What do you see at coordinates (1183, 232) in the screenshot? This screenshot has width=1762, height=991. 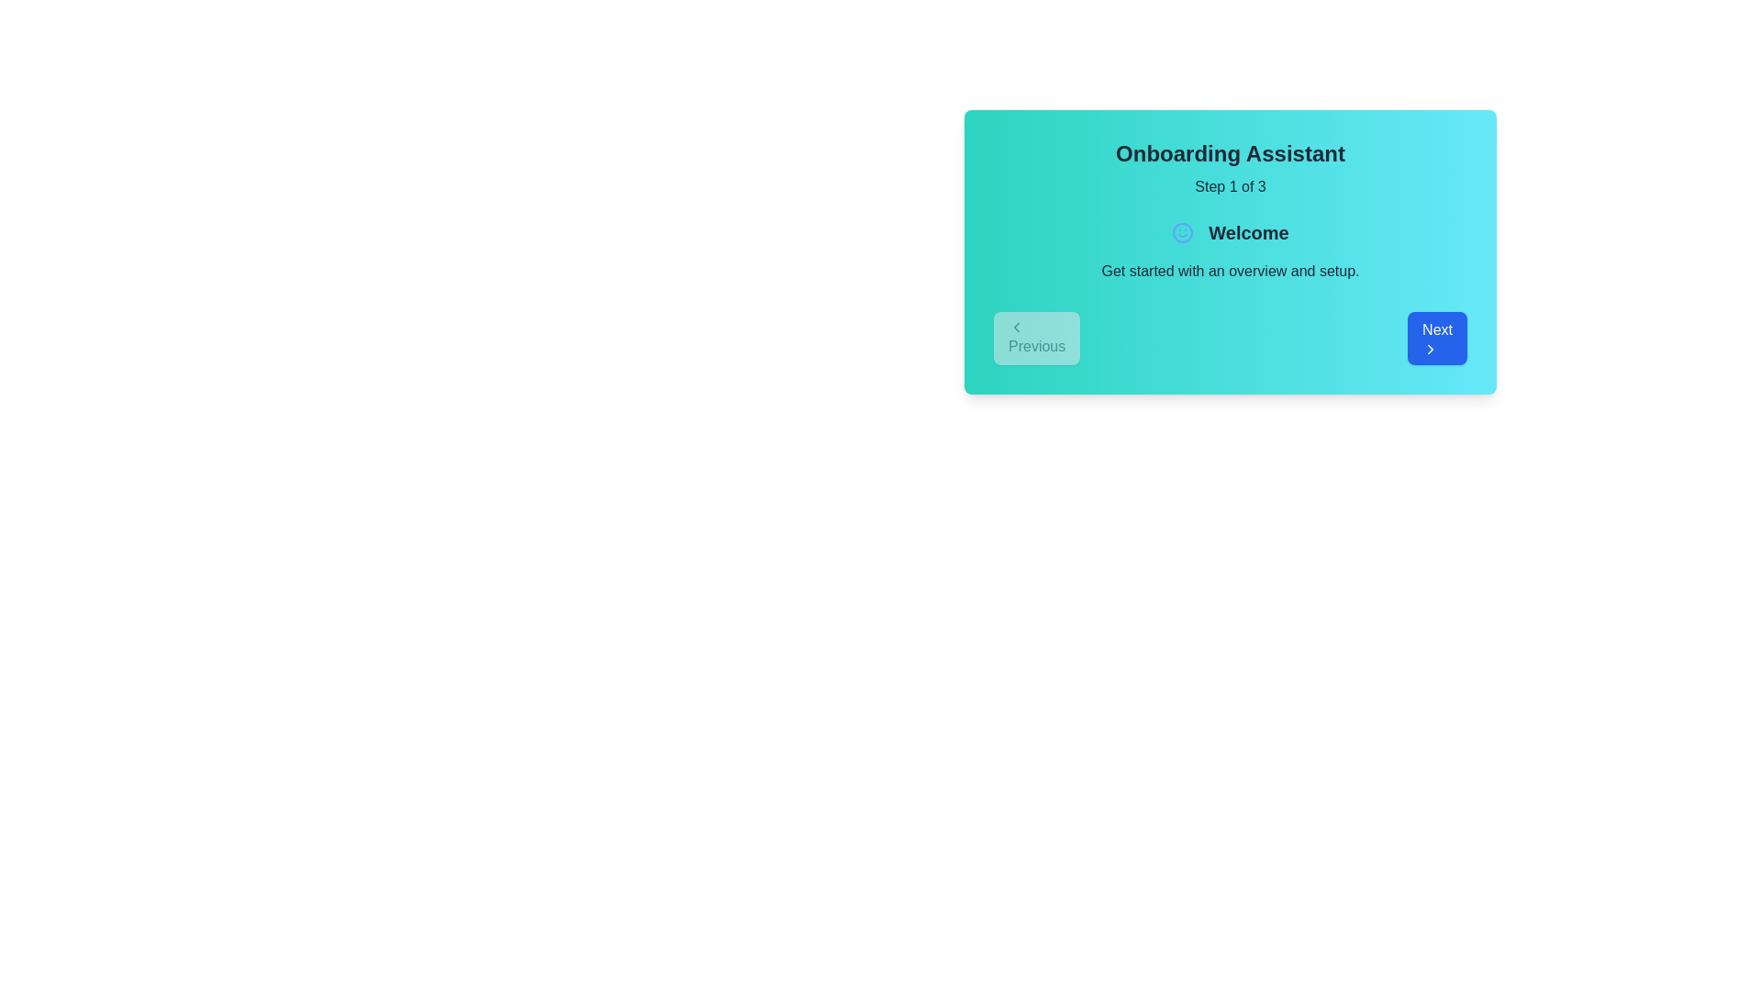 I see `the friendliness and positivity conveyed by the icon located to the left of the bold 'Welcome' text in the onboarding interface` at bounding box center [1183, 232].